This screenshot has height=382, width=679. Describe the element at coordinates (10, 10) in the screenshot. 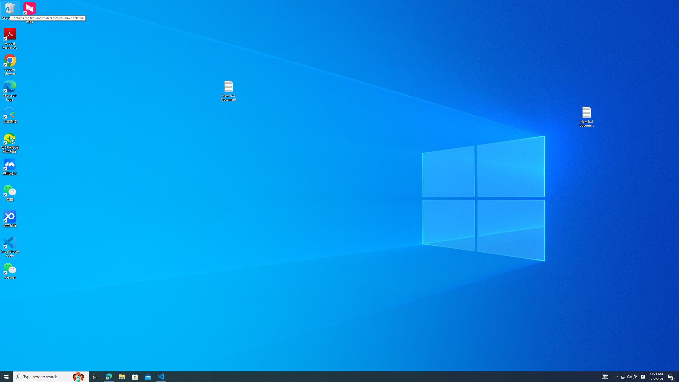

I see `'Recycle Bin'` at that location.